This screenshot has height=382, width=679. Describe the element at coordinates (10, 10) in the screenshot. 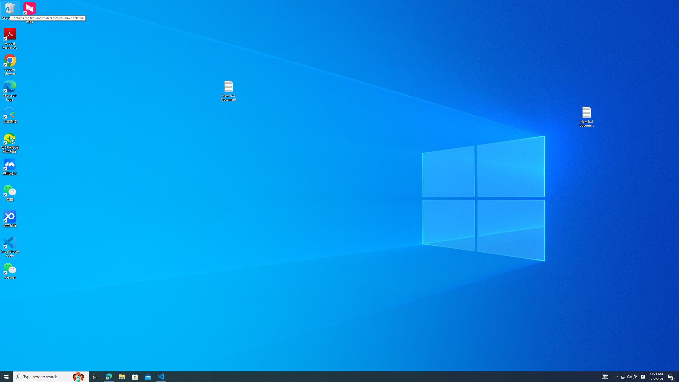

I see `'Recycle Bin'` at that location.